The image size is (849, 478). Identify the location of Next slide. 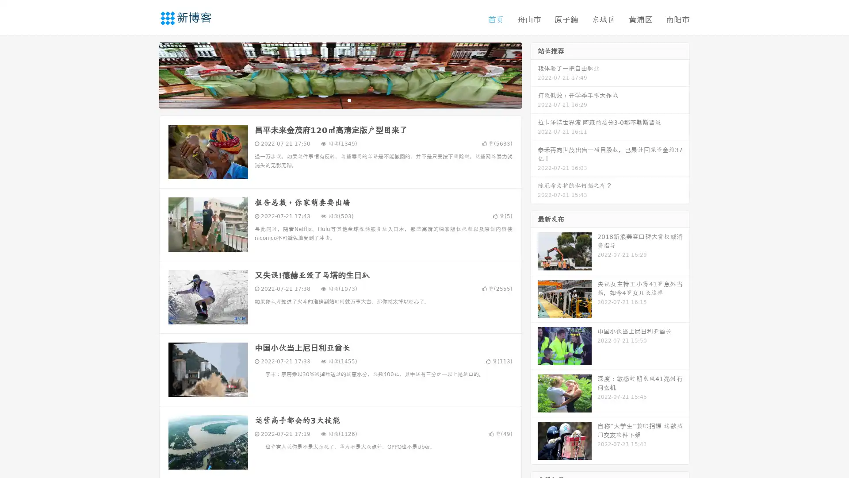
(534, 74).